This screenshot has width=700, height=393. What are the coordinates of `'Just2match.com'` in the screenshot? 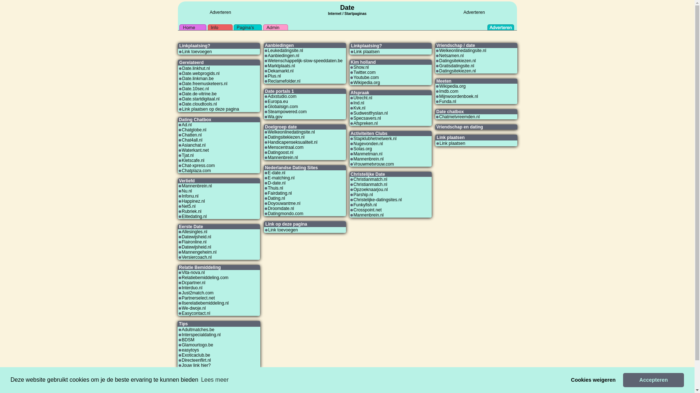 It's located at (197, 293).